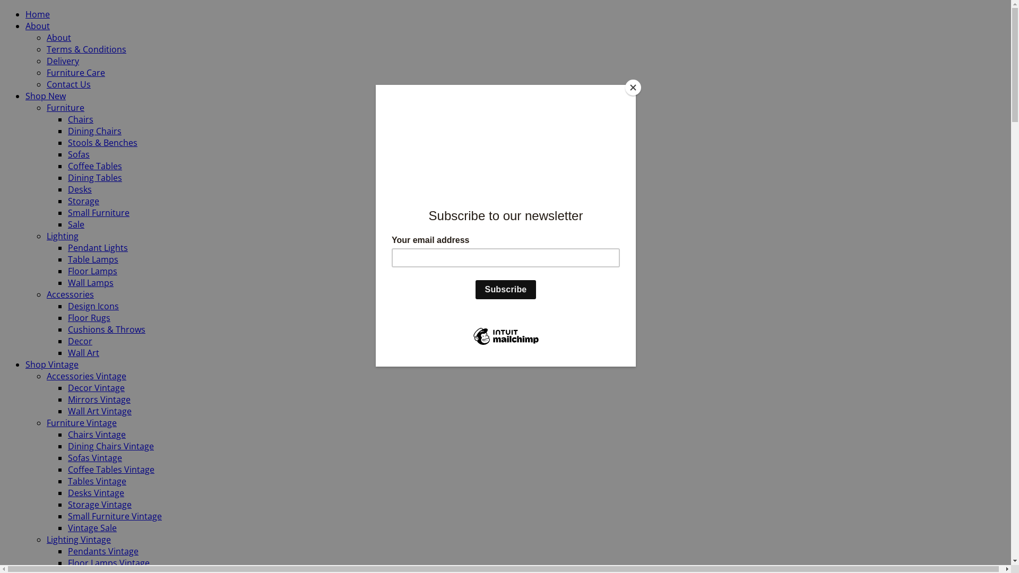 This screenshot has height=573, width=1019. I want to click on 'Floor Lamps Vintage', so click(109, 562).